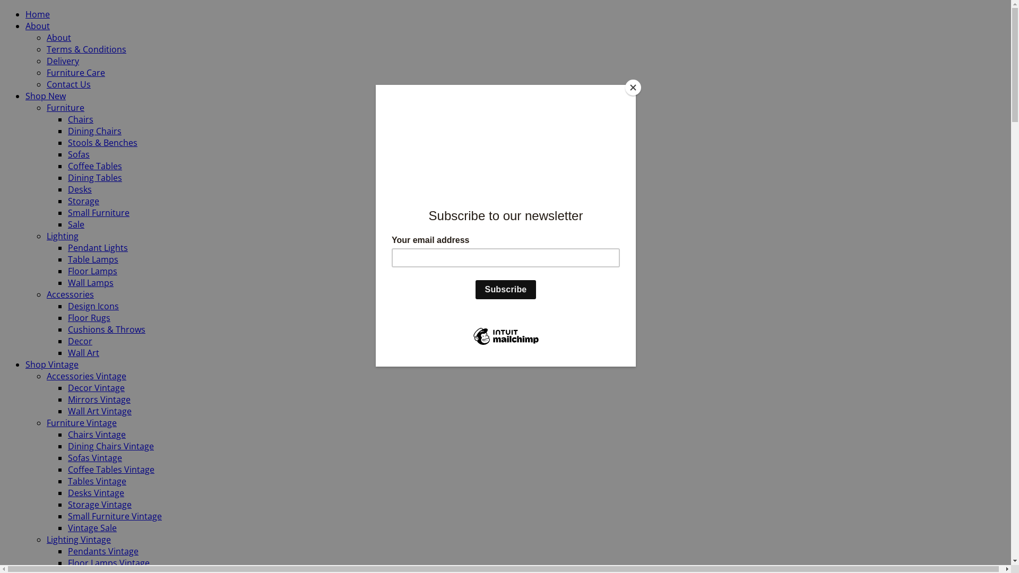 This screenshot has height=573, width=1019. I want to click on 'Floor Lamps Vintage', so click(109, 562).